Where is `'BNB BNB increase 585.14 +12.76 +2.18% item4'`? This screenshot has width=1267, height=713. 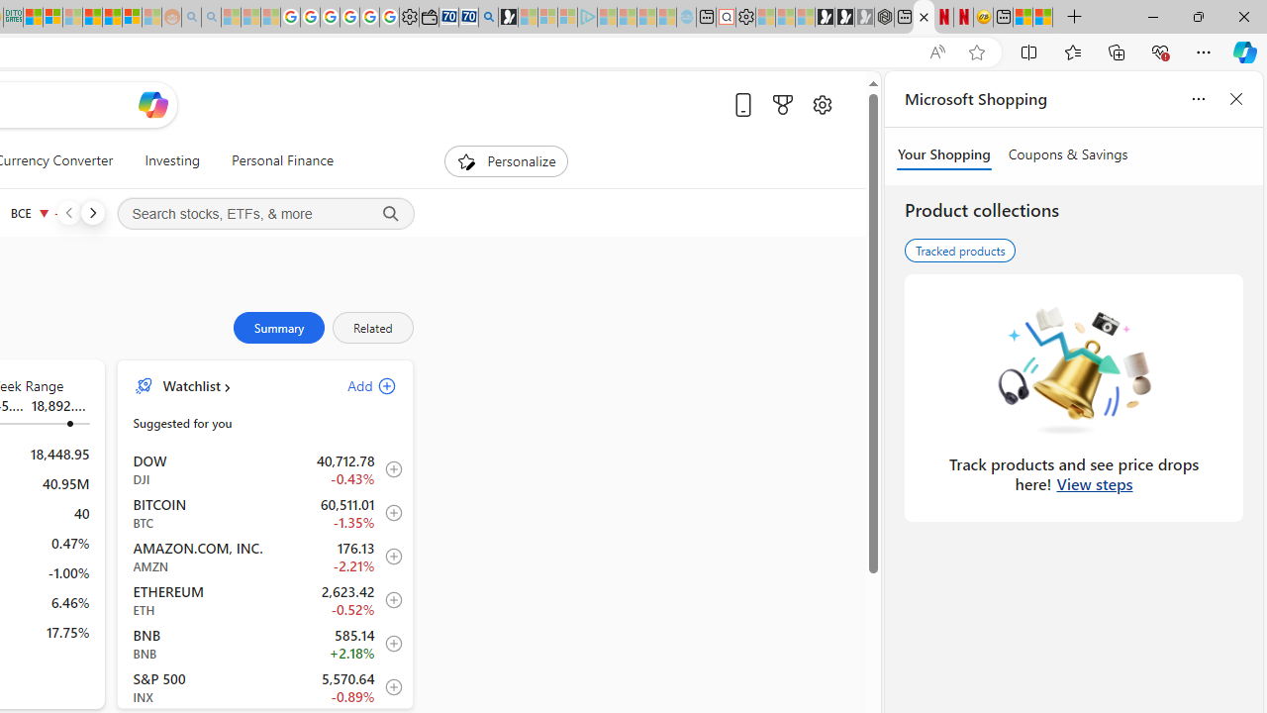
'BNB BNB increase 585.14 +12.76 +2.18% item4' is located at coordinates (264, 643).